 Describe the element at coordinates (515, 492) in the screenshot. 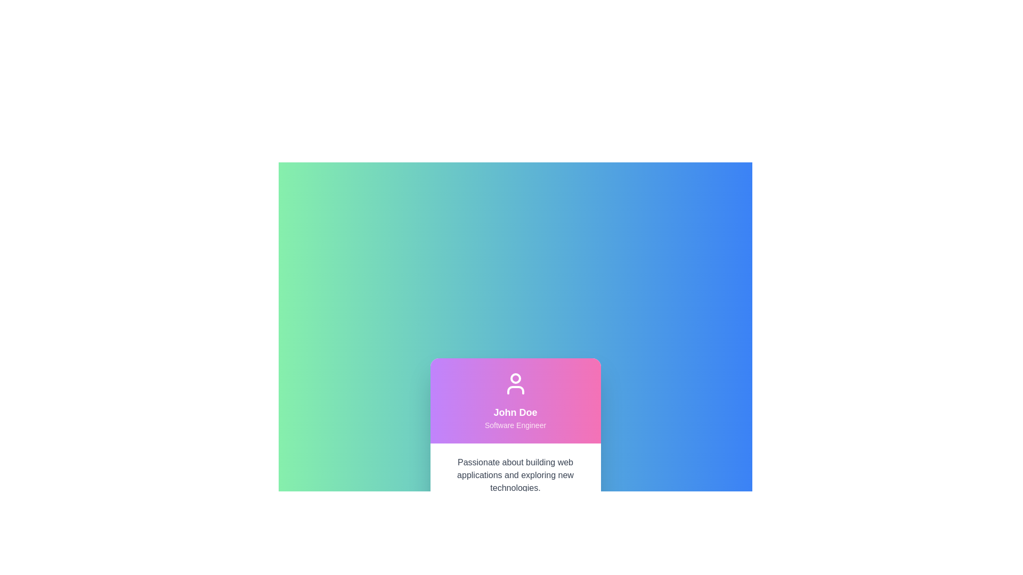

I see `descriptive text label located at the bottom of the card, below the 'John Doe' title and occupation text` at that location.